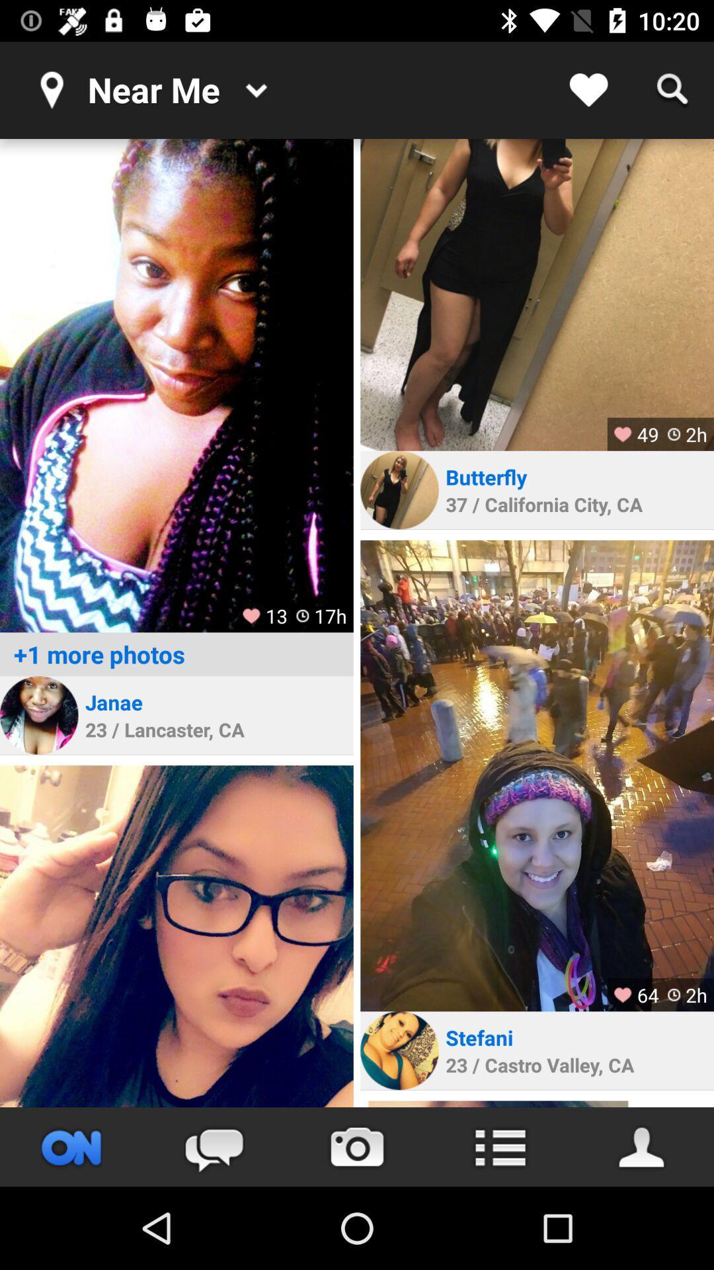 Image resolution: width=714 pixels, height=1270 pixels. Describe the element at coordinates (176, 385) in the screenshot. I see `open profile pics` at that location.